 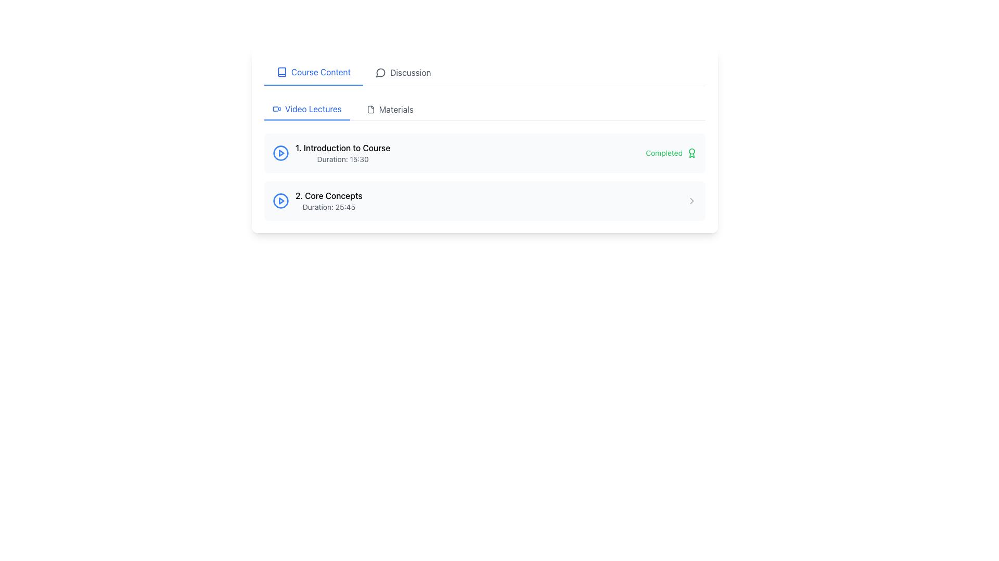 I want to click on the circular SVG element representing the play button for the '2. Core Concepts' video entry in the vertical list of video lectures, so click(x=280, y=201).